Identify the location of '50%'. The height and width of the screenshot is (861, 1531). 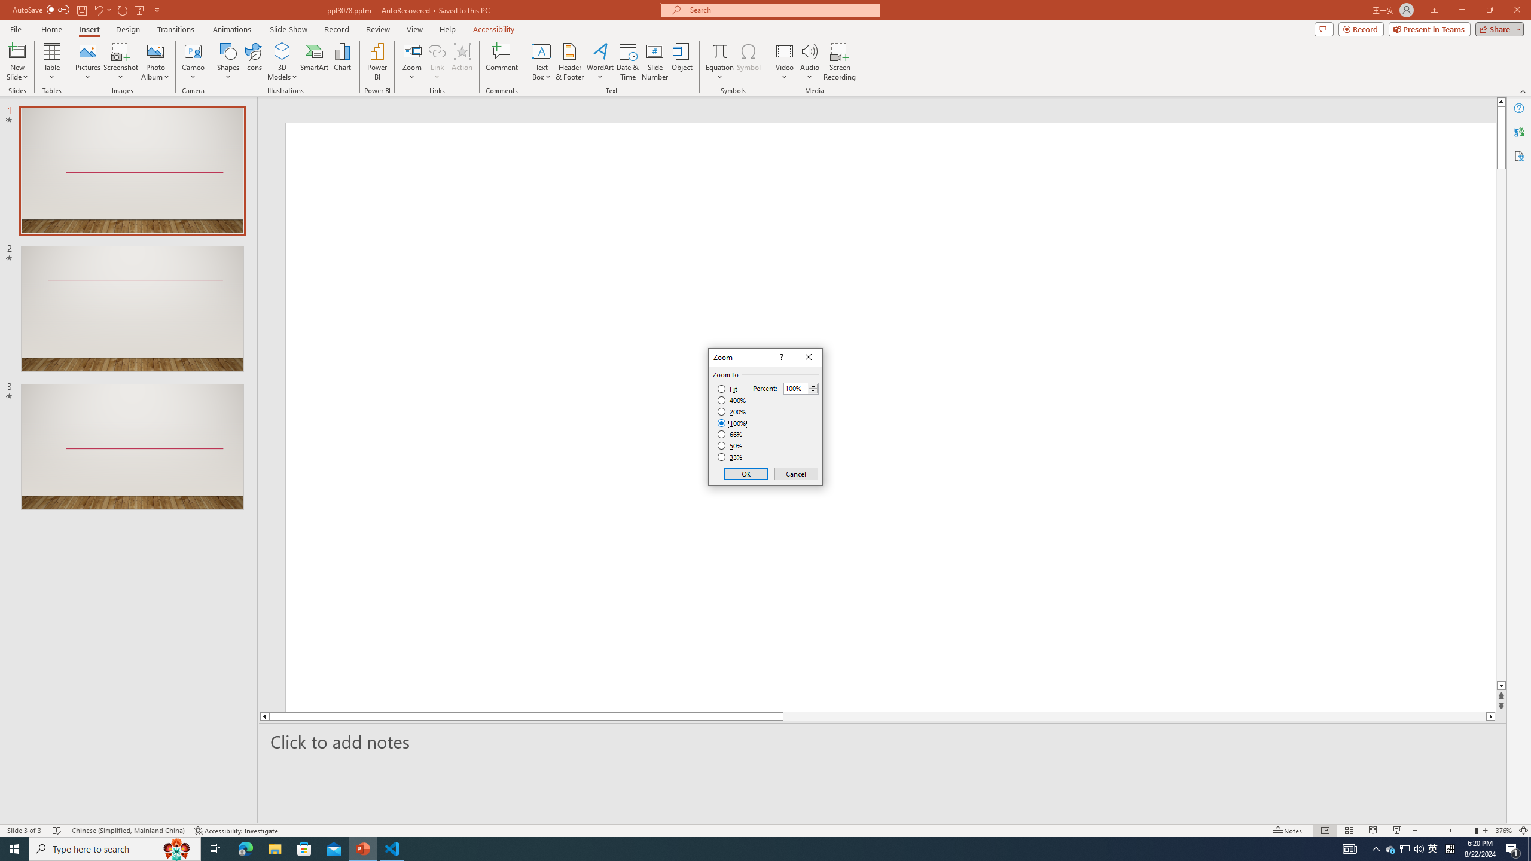
(731, 445).